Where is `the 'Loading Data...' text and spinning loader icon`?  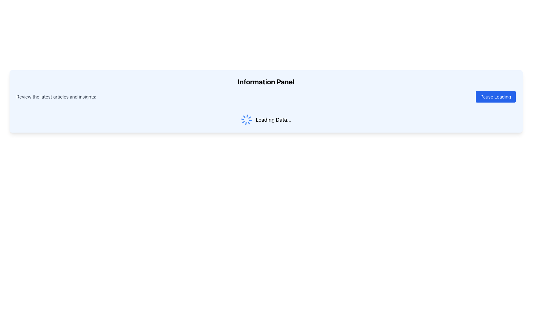
the 'Loading Data...' text and spinning loader icon is located at coordinates (266, 116).